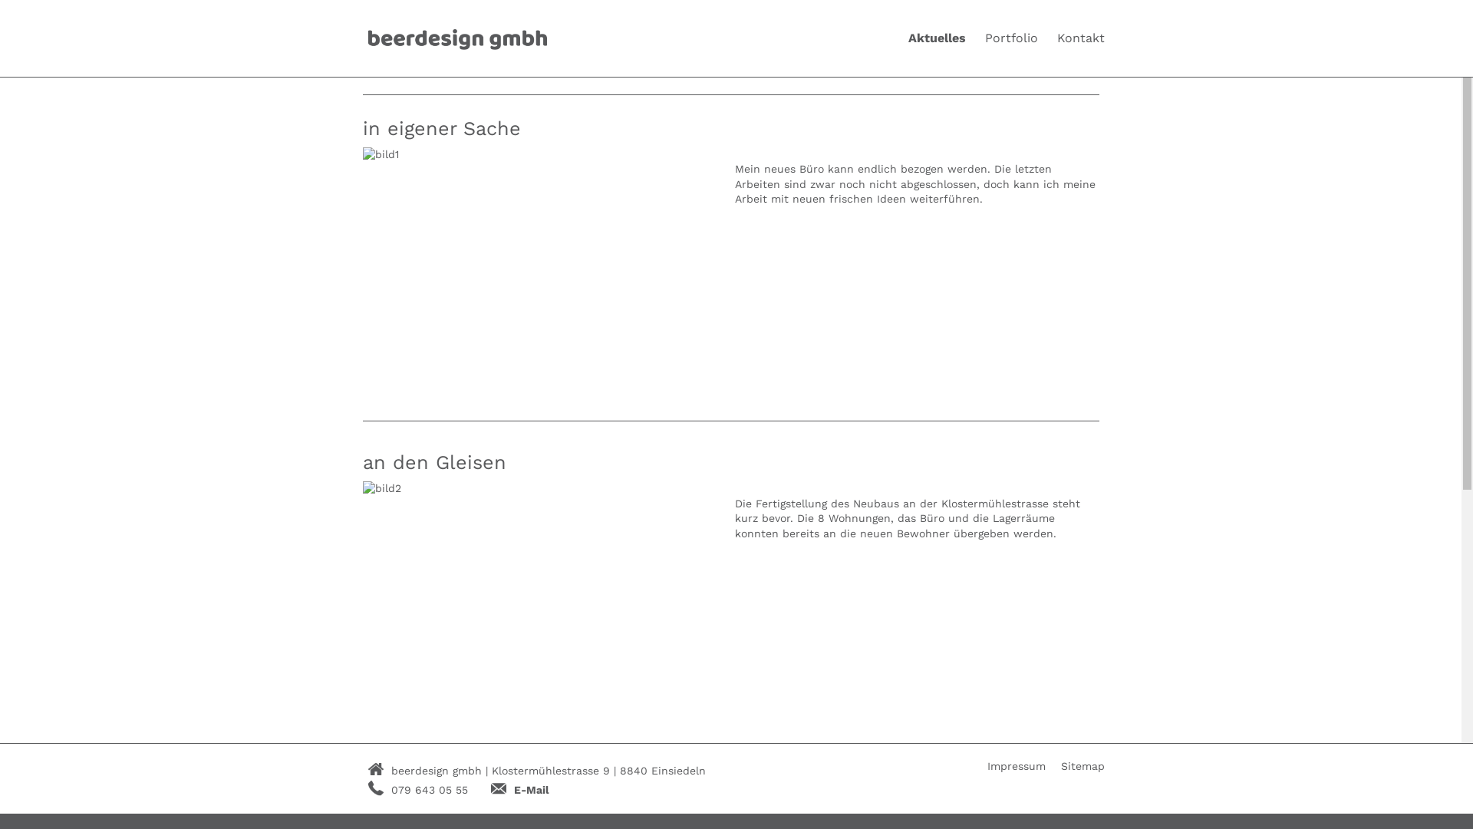 The width and height of the screenshot is (1473, 829). Describe the element at coordinates (423, 806) in the screenshot. I see `'mit Seesicht'` at that location.